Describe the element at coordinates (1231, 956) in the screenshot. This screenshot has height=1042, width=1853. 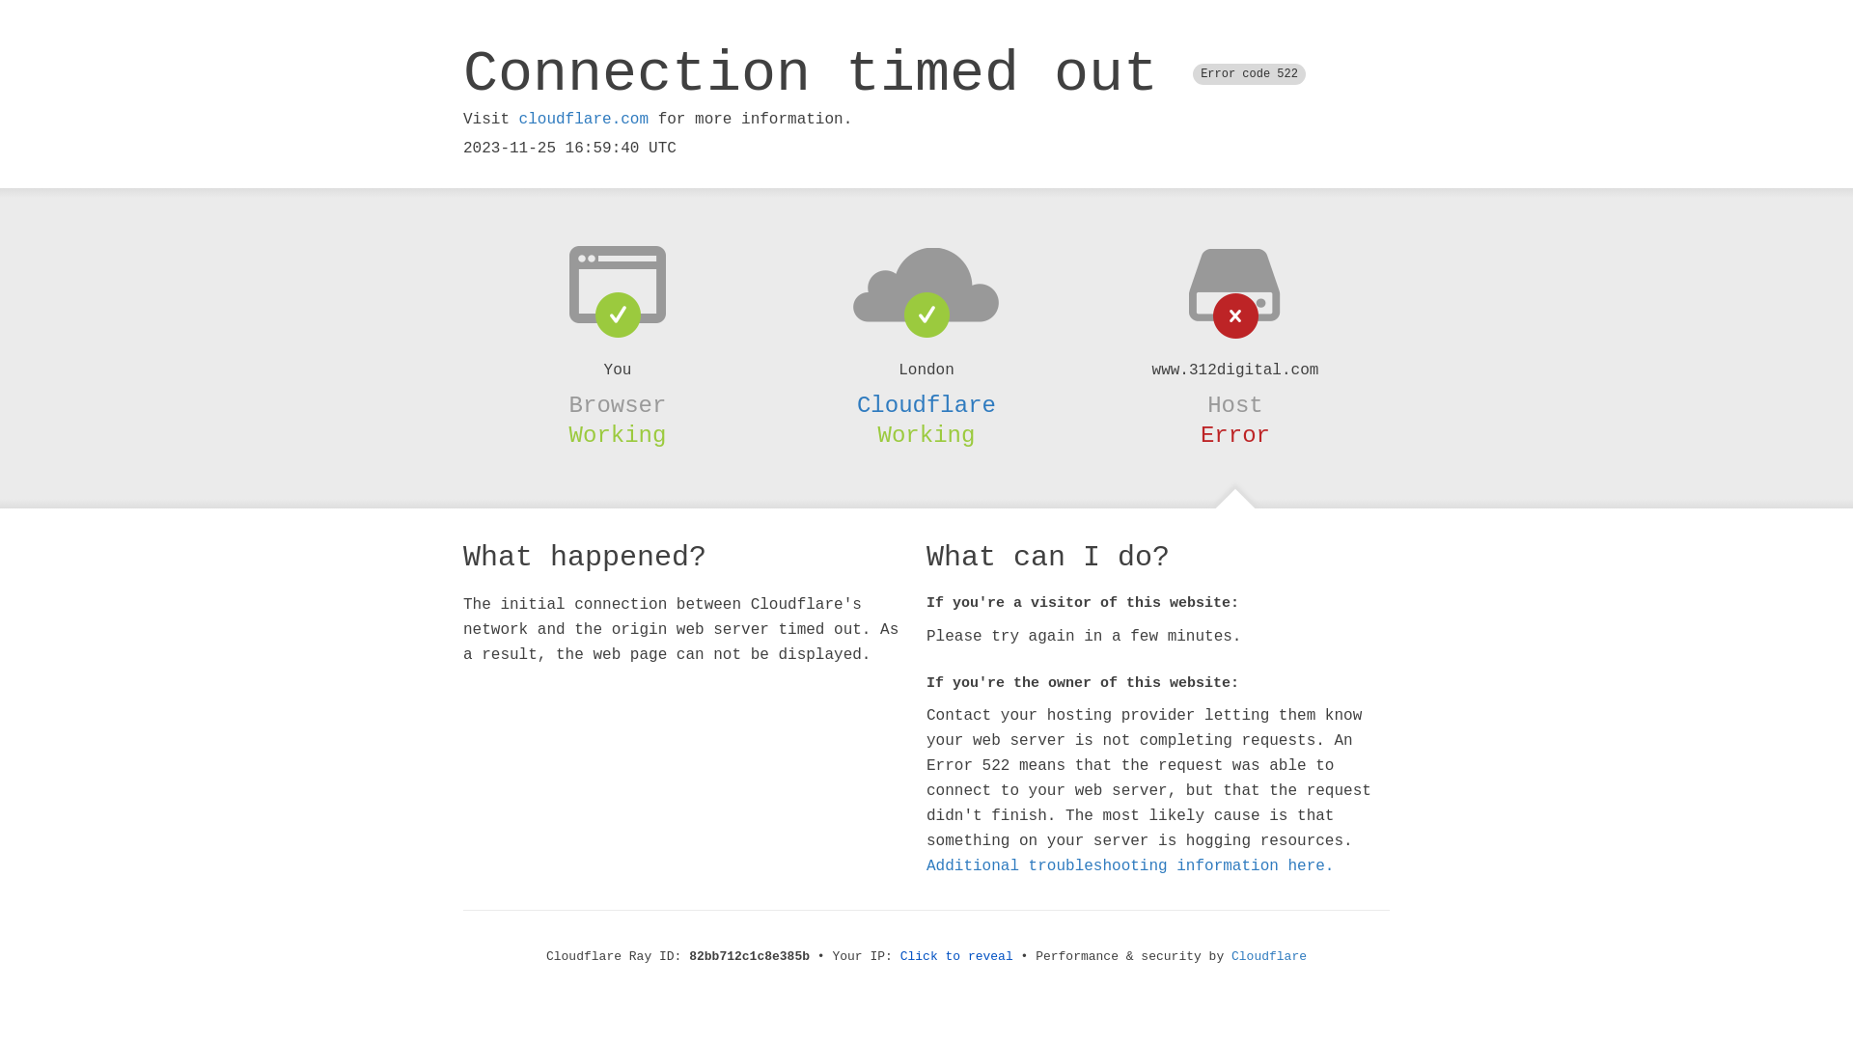
I see `'Cloudflare'` at that location.